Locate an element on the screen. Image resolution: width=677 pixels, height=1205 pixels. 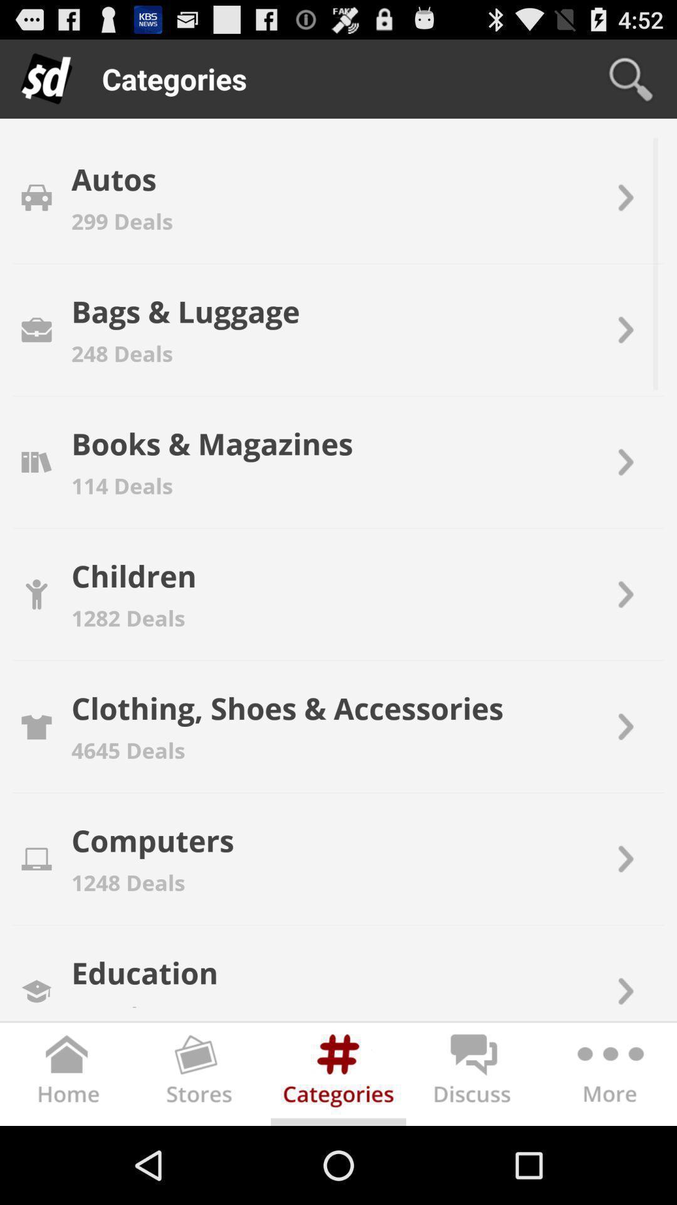
the home icon is located at coordinates (68, 1152).